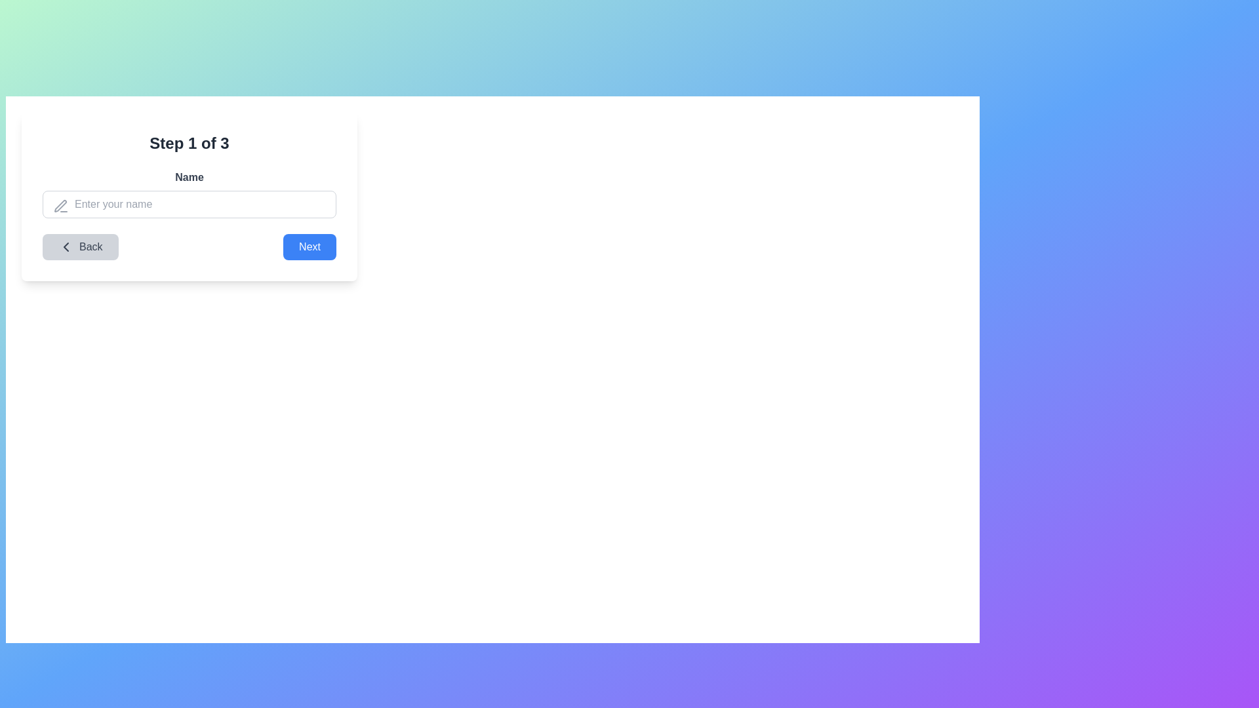 The height and width of the screenshot is (708, 1259). I want to click on the left-pointing chevron icon within the 'Back' button, so click(65, 247).